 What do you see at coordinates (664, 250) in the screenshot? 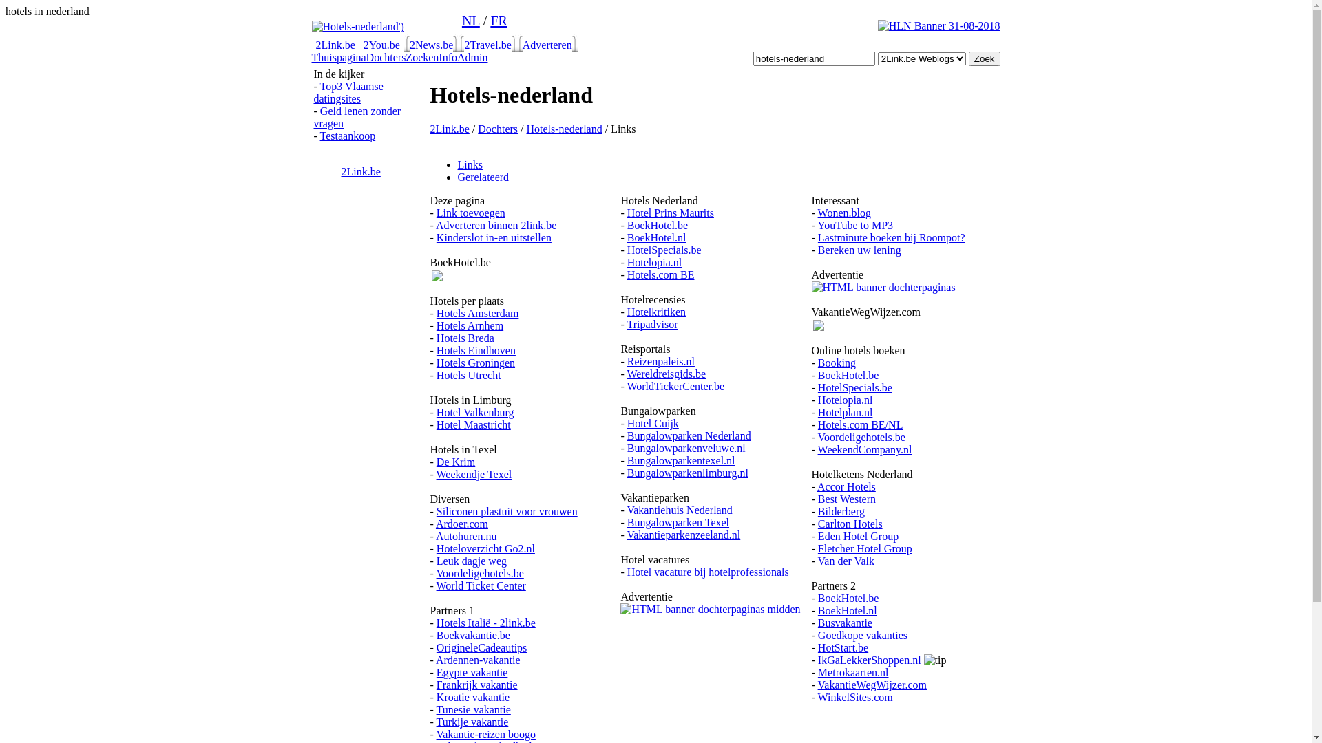
I see `'HotelSpecials.be'` at bounding box center [664, 250].